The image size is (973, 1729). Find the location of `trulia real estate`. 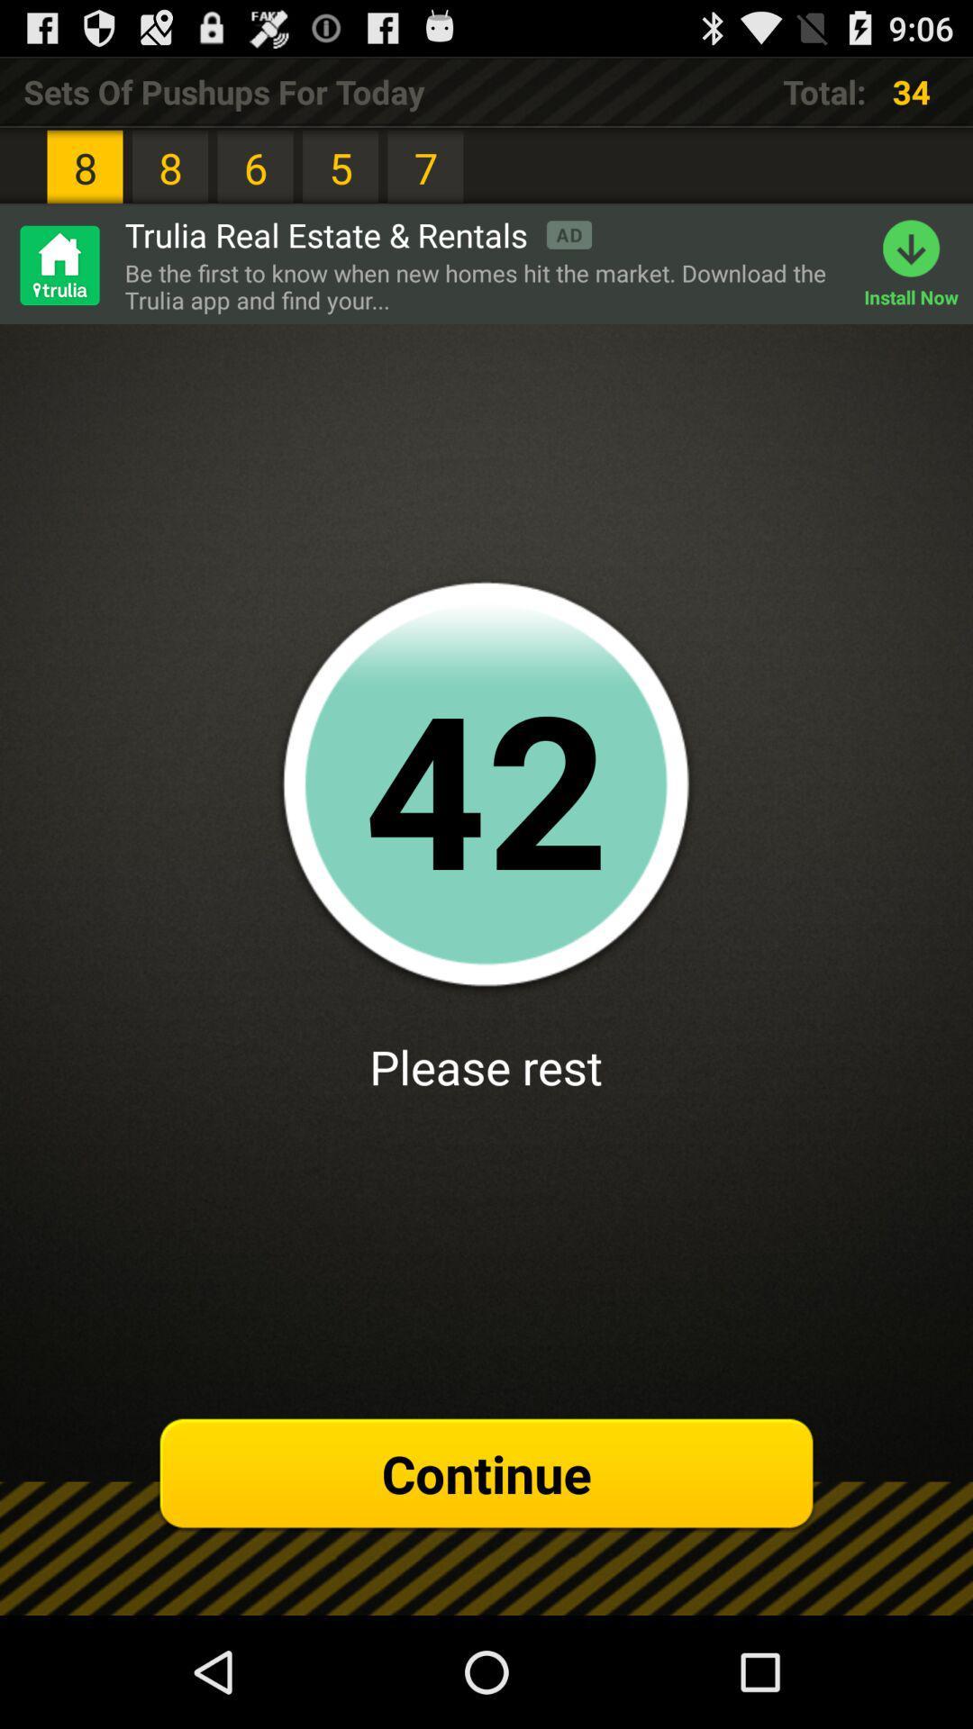

trulia real estate is located at coordinates (358, 233).